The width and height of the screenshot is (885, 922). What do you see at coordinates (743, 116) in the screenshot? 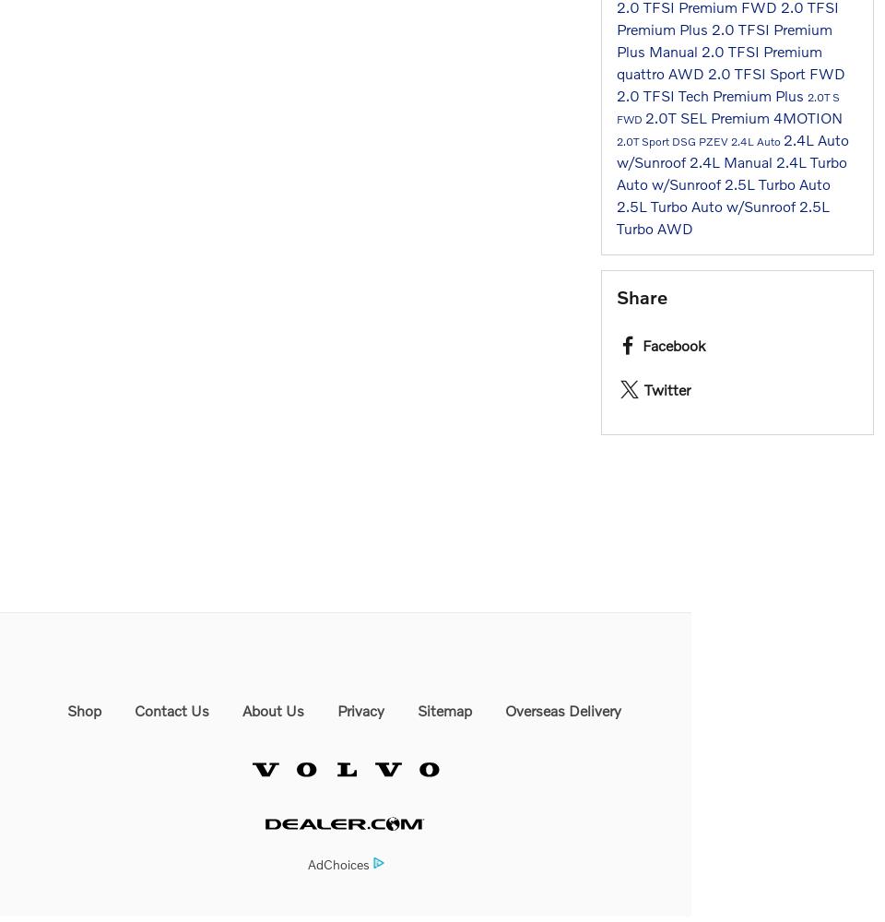
I see `'2.0T SEL Premium 4MOTION'` at bounding box center [743, 116].